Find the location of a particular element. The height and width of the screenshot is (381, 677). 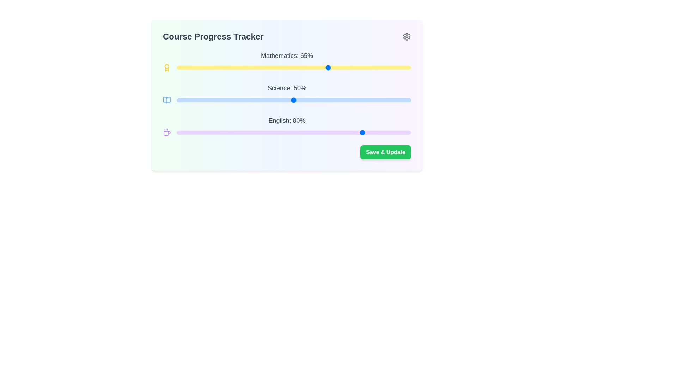

the mathematics progress is located at coordinates (357, 68).